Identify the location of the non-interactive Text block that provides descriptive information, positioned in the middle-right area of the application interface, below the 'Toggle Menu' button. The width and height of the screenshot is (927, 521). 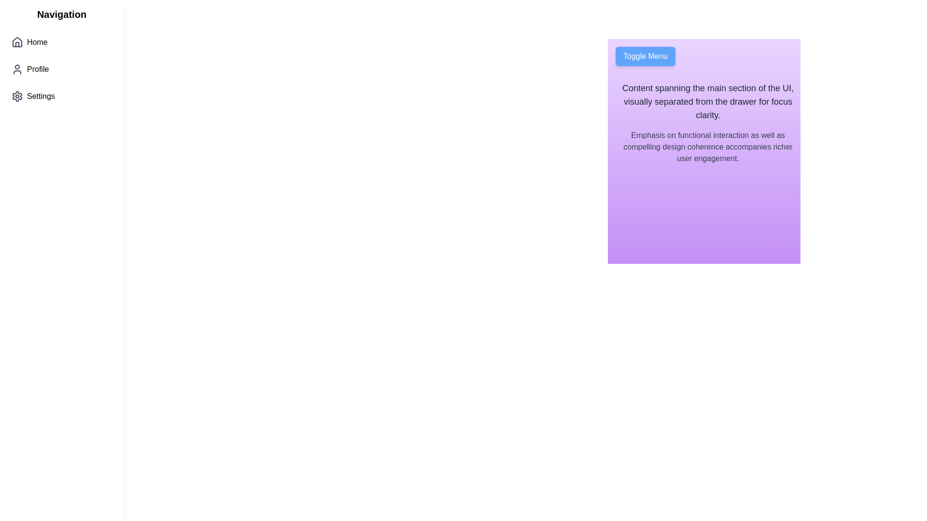
(708, 122).